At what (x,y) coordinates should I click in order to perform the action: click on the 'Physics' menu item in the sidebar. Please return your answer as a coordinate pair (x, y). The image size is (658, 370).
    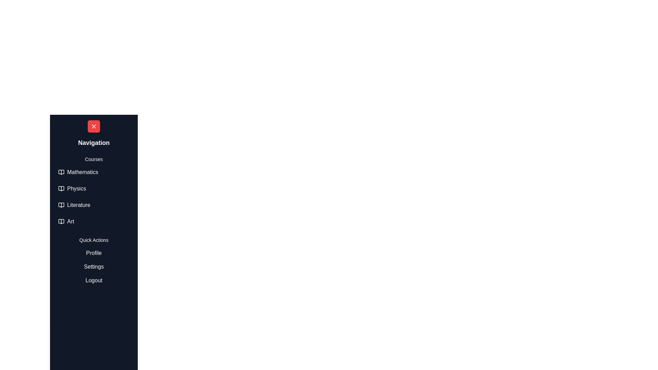
    Looking at the image, I should click on (93, 192).